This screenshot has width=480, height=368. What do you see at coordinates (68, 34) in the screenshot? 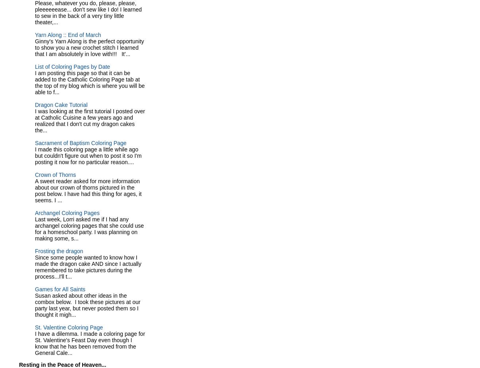
I see `'Yarn Along :: End of March'` at bounding box center [68, 34].